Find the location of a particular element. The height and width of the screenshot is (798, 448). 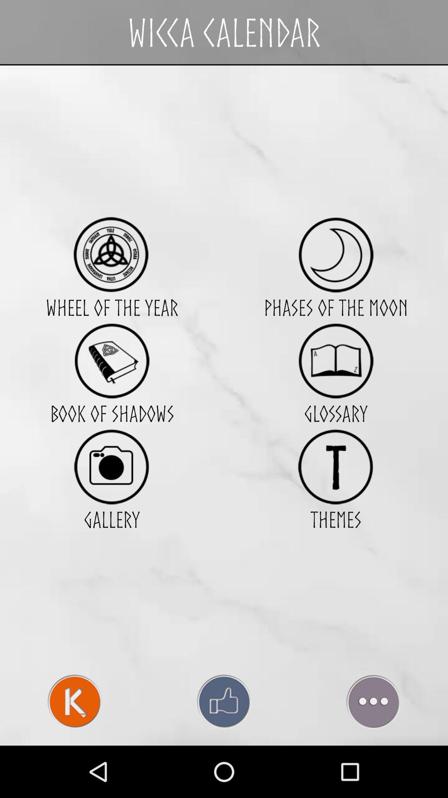

access notes in book of shadows is located at coordinates (111, 361).